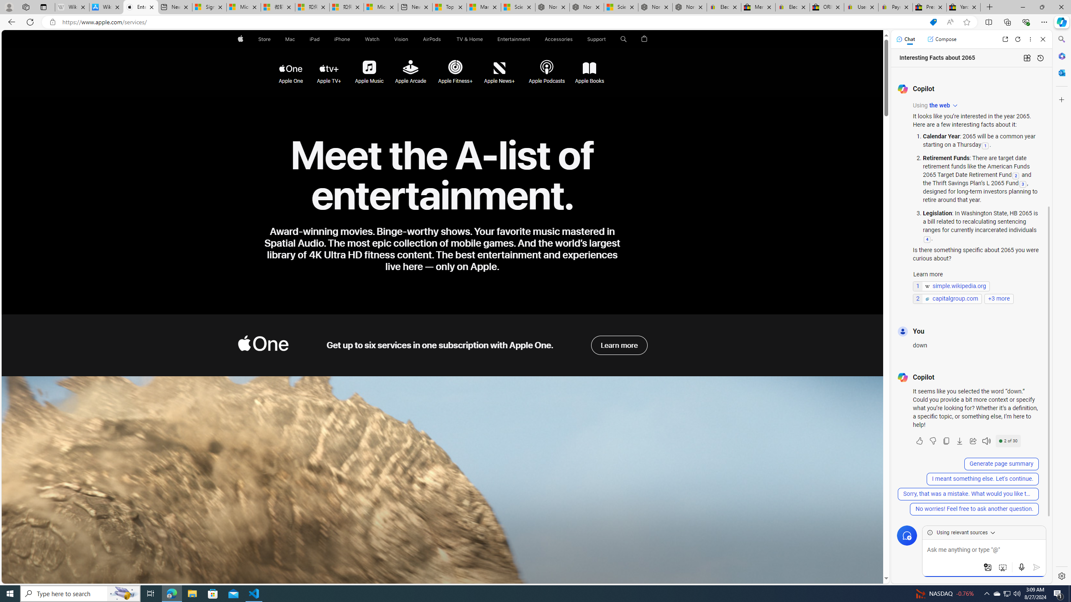 Image resolution: width=1071 pixels, height=602 pixels. Describe the element at coordinates (941, 38) in the screenshot. I see `'Compose'` at that location.